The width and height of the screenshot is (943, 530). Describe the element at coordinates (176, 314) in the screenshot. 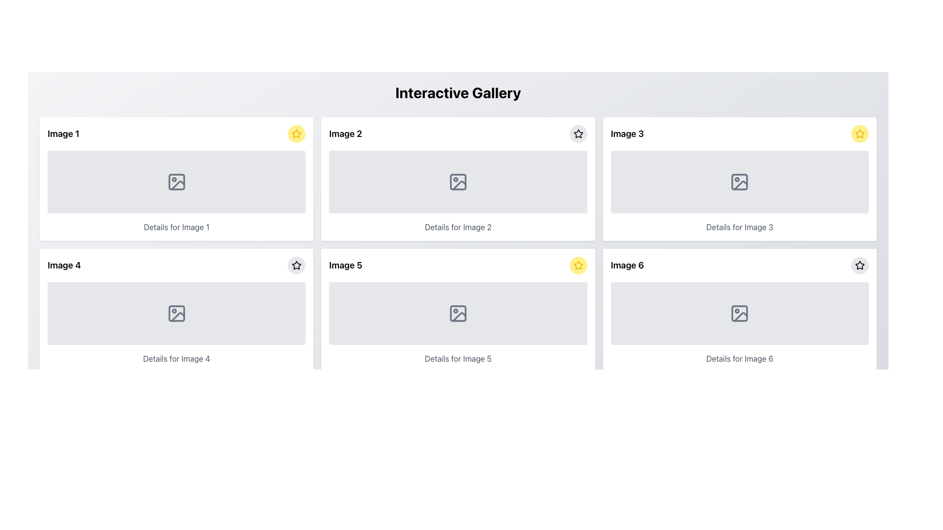

I see `the Rectangle graphics component that serves as a visual indicator for the placeholder icon in the fourth image box of the grid layout, located in the leftmost column of the second row` at that location.